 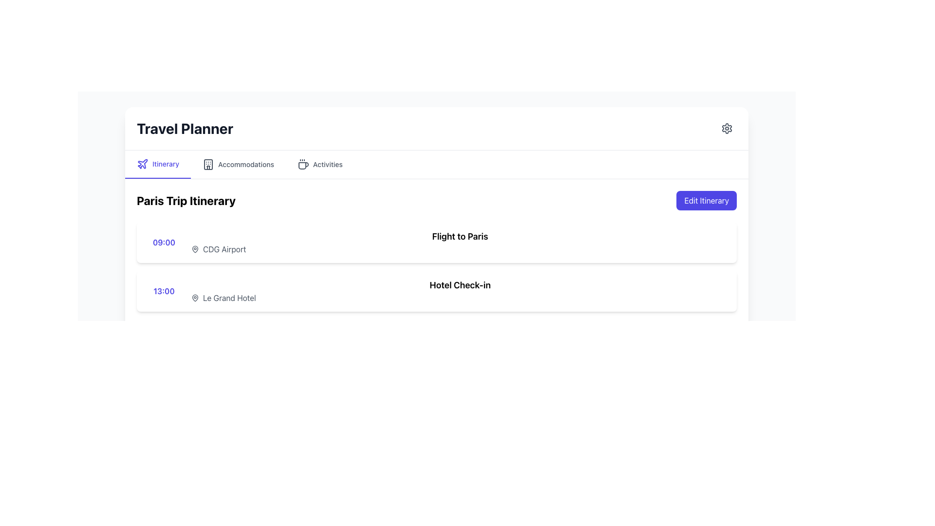 I want to click on static text label displaying the time '13:00', which is styled in bold indigo color and positioned at the start of the Hotel Check-in event section under the Paris Trip Itinerary, so click(x=164, y=290).